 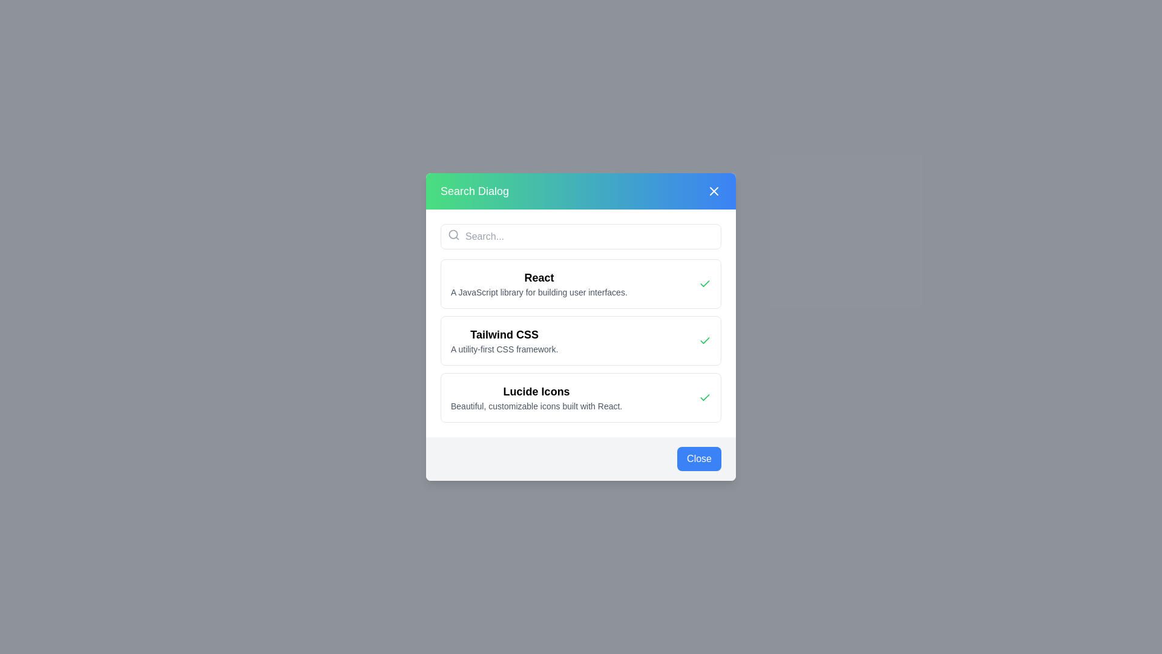 I want to click on the checkmark icon, which is styled with a green stroke and located on the right side of the 'Tailwind CSS' section in the search dialog overlay, so click(x=705, y=283).